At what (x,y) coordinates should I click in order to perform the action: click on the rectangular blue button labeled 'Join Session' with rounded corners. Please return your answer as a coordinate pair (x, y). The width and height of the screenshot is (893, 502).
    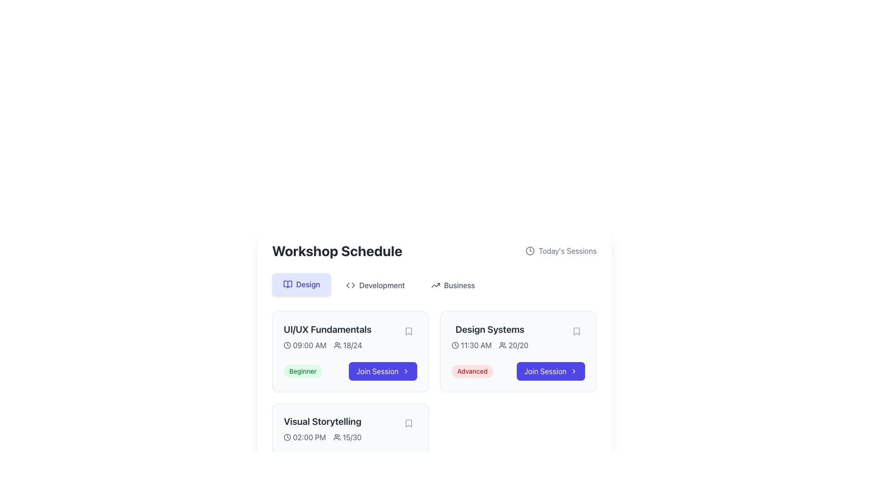
    Looking at the image, I should click on (383, 370).